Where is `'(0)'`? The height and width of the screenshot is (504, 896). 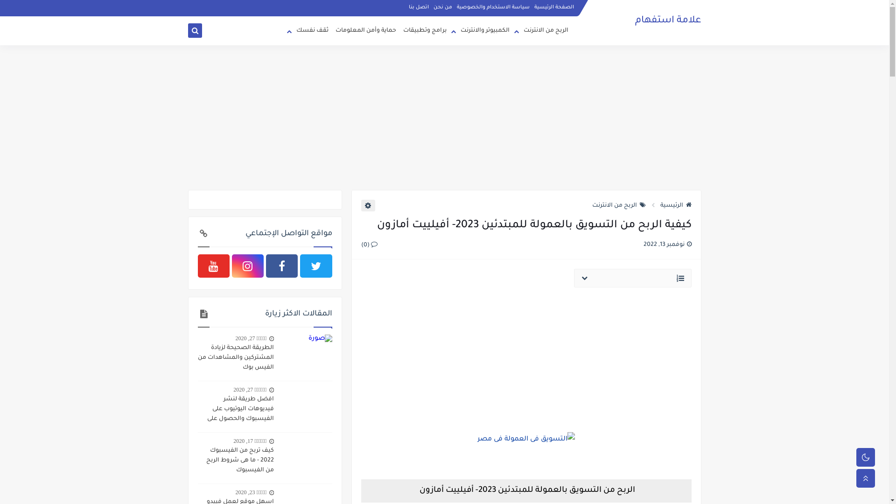
'(0)' is located at coordinates (360, 244).